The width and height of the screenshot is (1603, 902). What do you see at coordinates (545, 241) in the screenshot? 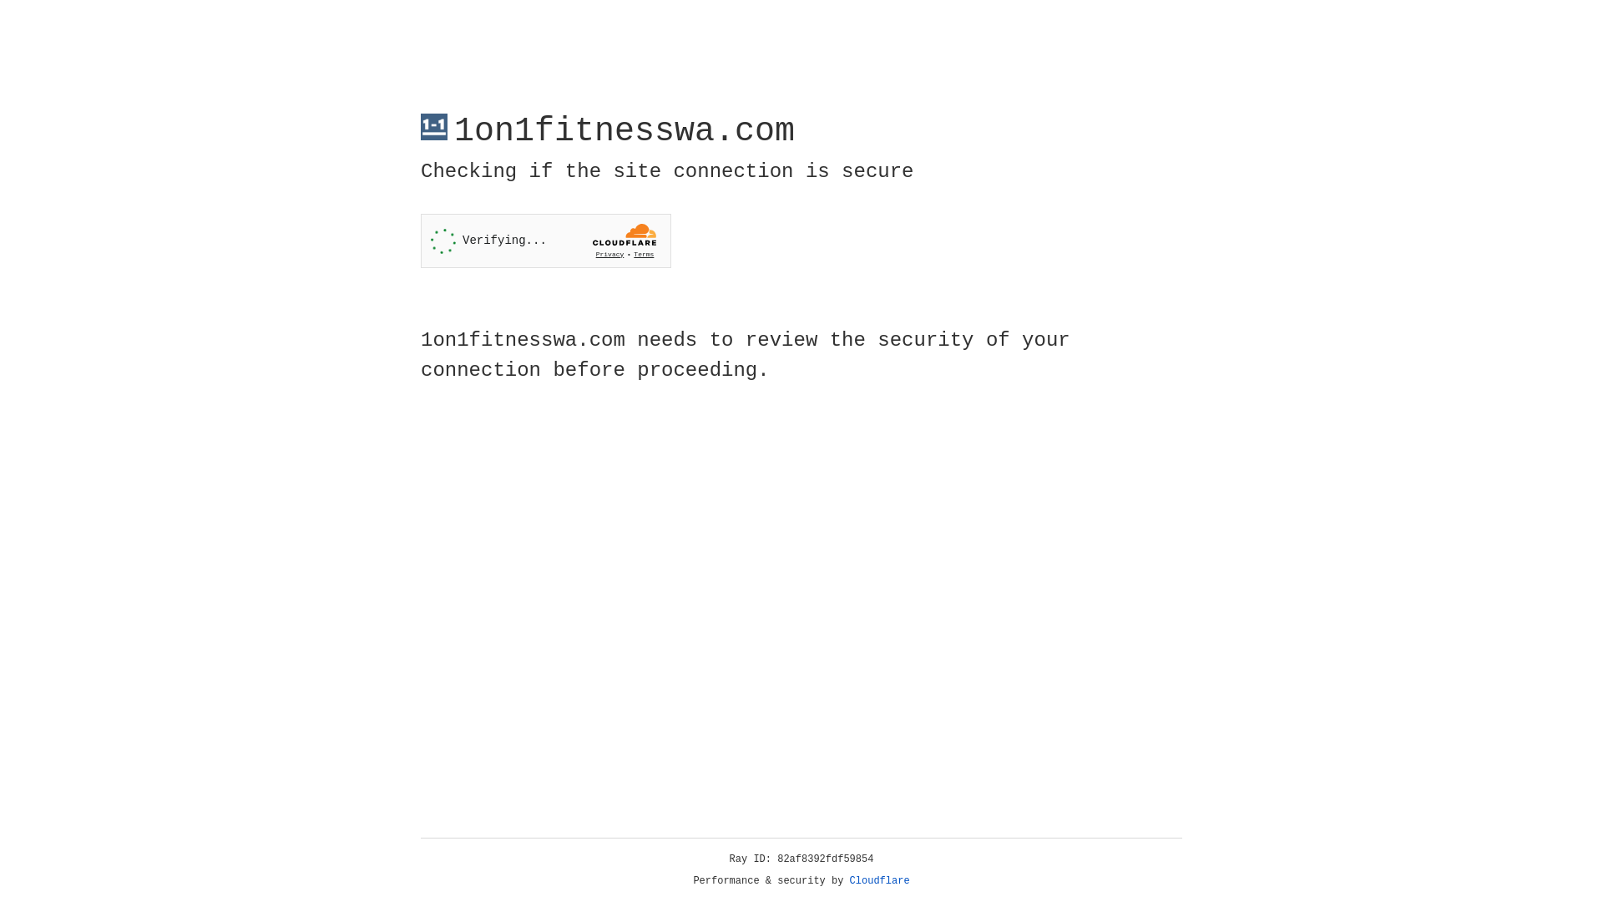
I see `'Widget containing a Cloudflare security challenge'` at bounding box center [545, 241].